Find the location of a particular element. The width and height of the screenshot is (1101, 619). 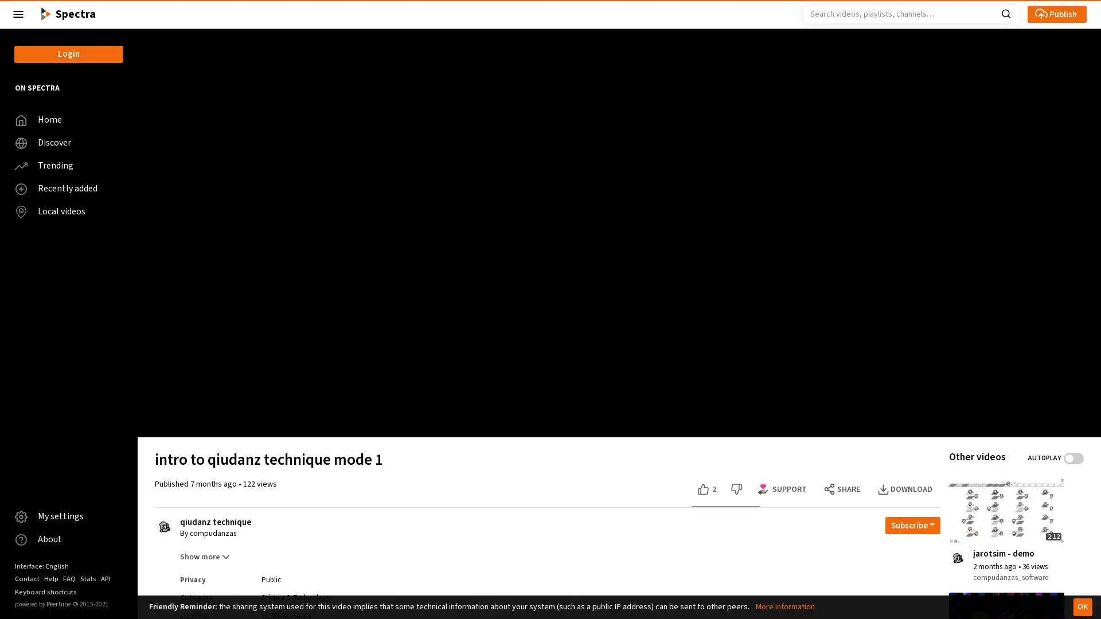

Dislike this video is located at coordinates (736, 489).